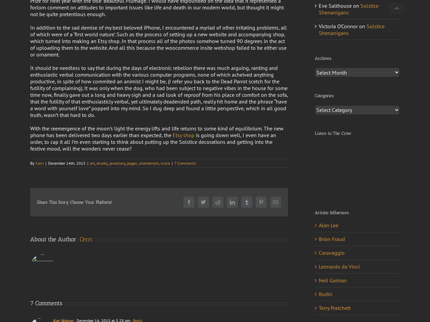 The width and height of the screenshot is (430, 322). What do you see at coordinates (335, 5) in the screenshot?
I see `'Eve Salthouse'` at bounding box center [335, 5].